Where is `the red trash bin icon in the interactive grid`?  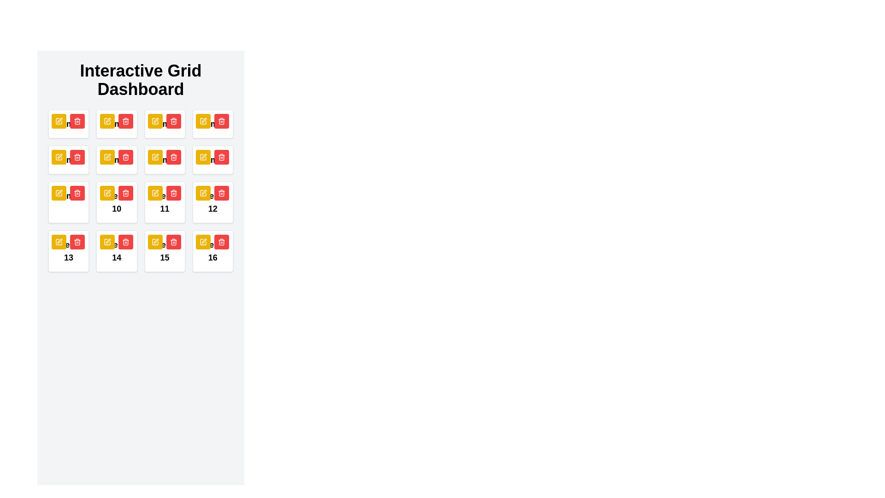 the red trash bin icon in the interactive grid is located at coordinates (173, 120).